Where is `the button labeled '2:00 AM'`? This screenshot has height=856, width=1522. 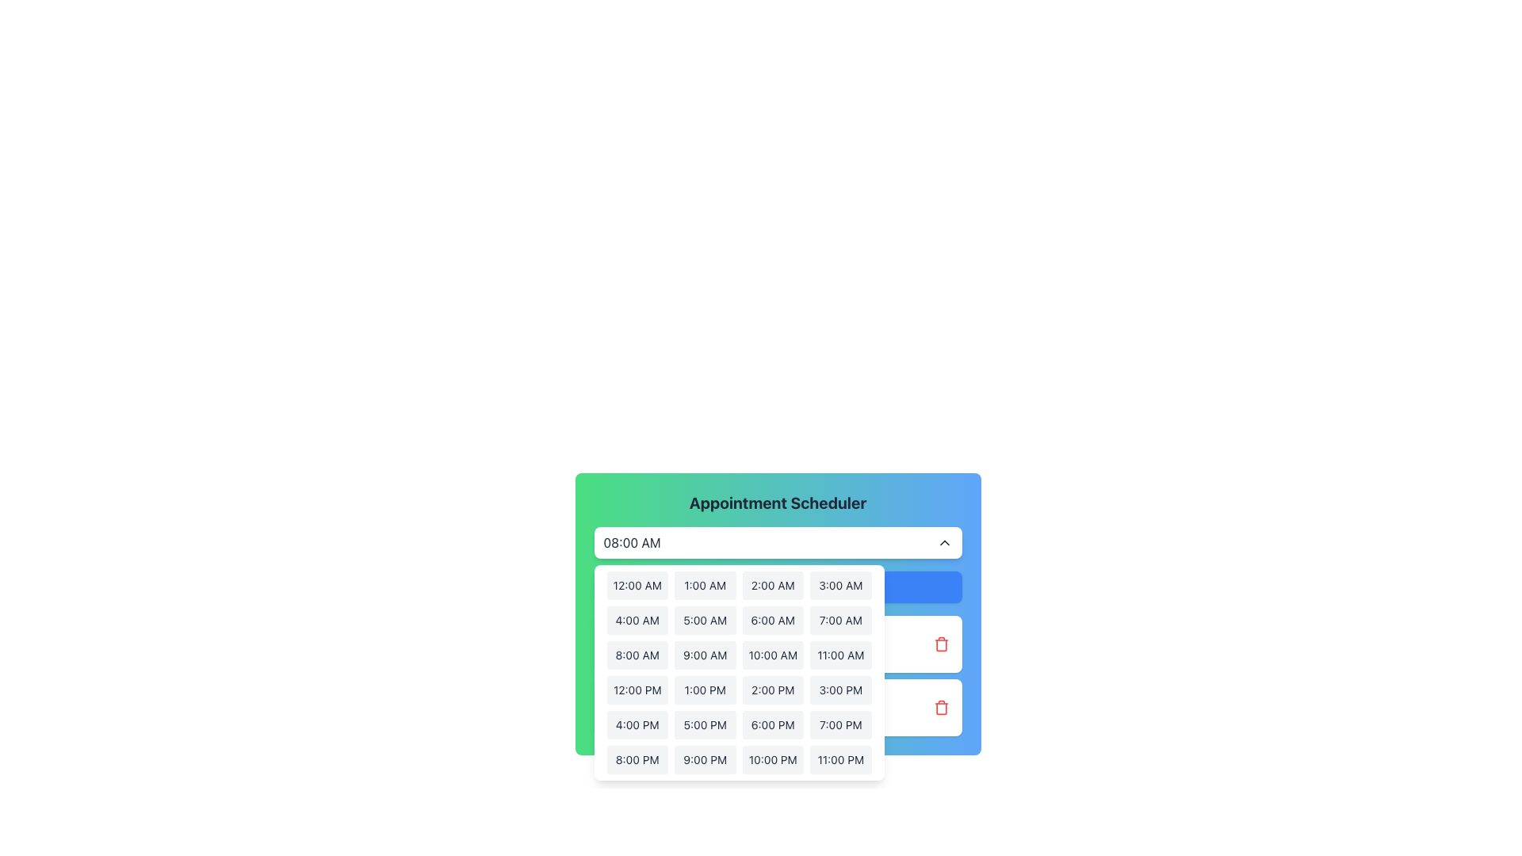
the button labeled '2:00 AM' is located at coordinates (773, 586).